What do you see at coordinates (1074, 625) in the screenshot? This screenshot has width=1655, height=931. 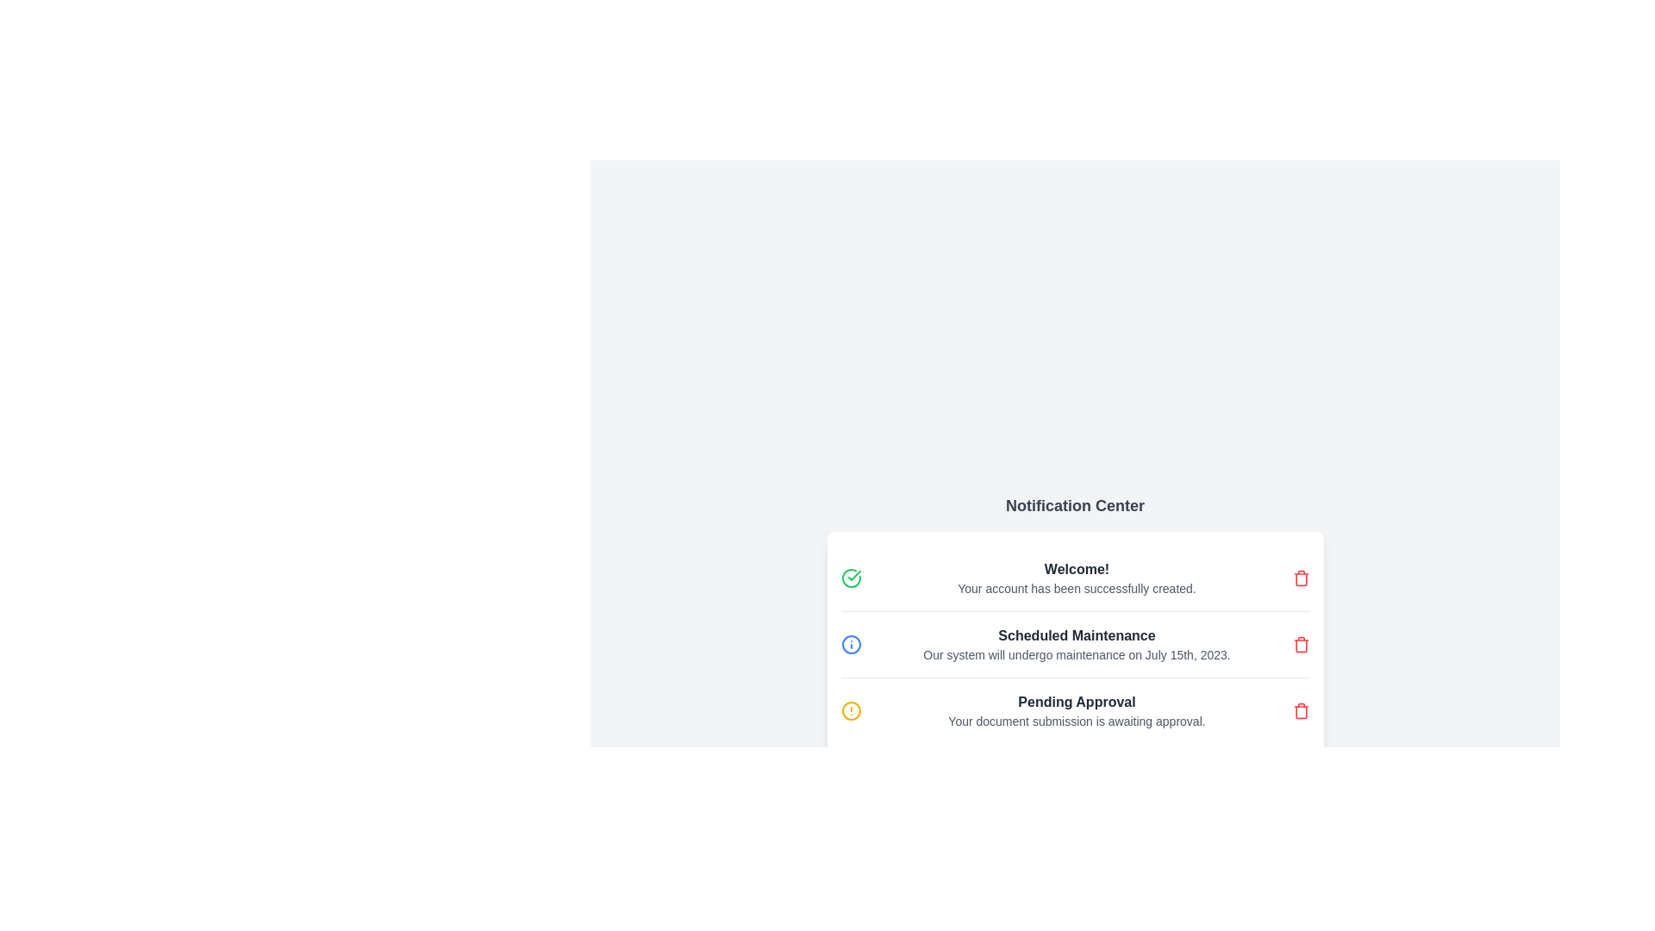 I see `information displayed in the notification card that shows 'Scheduled Maintenance' in bold text and a subtitle regarding system maintenance` at bounding box center [1074, 625].